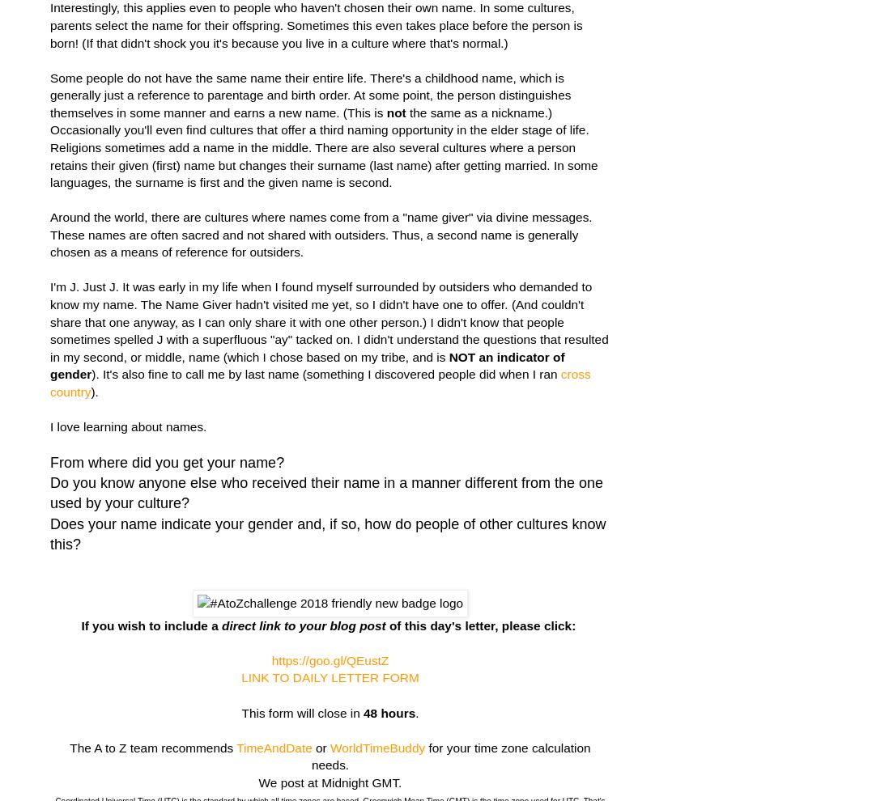 The image size is (889, 801). I want to click on 'Does your name indicate your gender and, if so, how do people of other cultures know this?', so click(327, 533).